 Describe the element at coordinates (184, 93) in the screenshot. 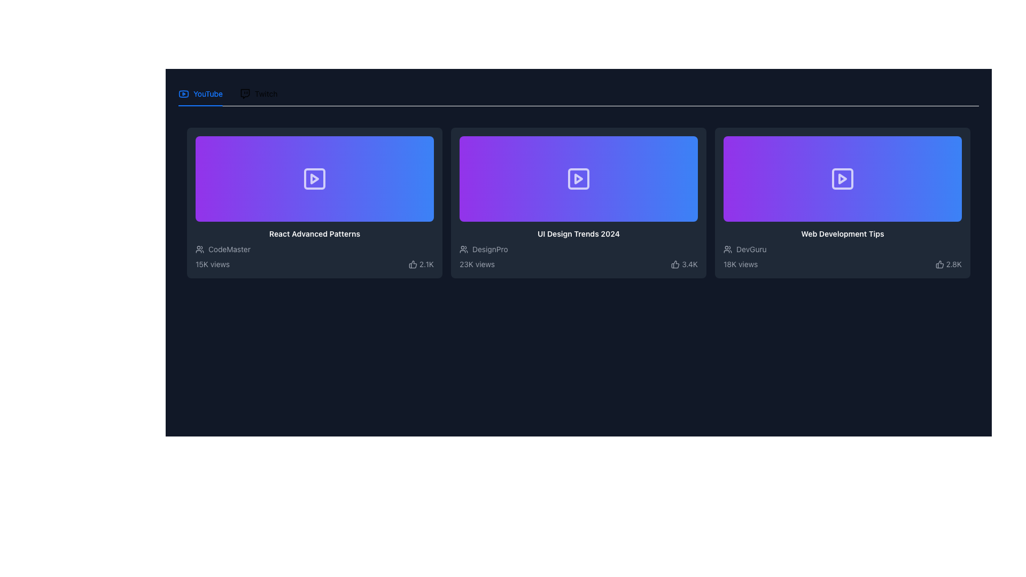

I see `the play button icon located at the top-left corner of the interface, next to the 'YouTube' text and to the left of the 'Twitch' text` at that location.